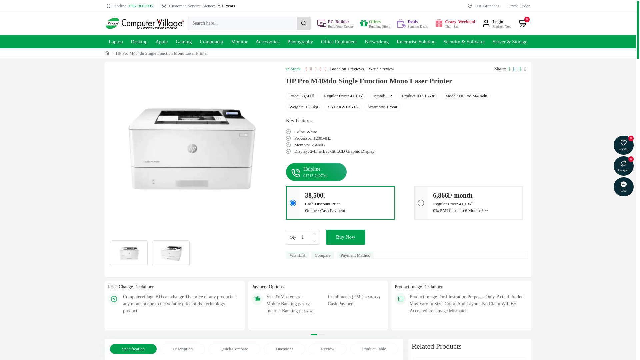  I want to click on 'Buy Now', so click(345, 237).